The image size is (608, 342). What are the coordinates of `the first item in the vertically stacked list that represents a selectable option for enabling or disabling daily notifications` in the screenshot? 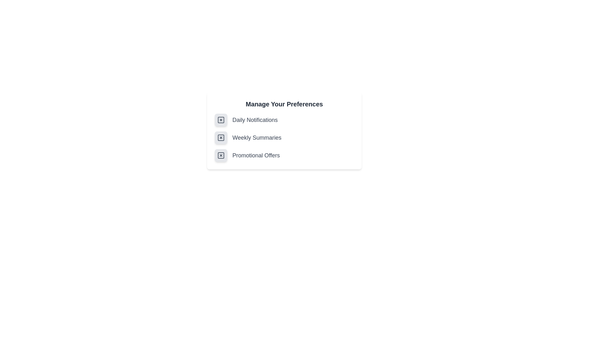 It's located at (284, 120).